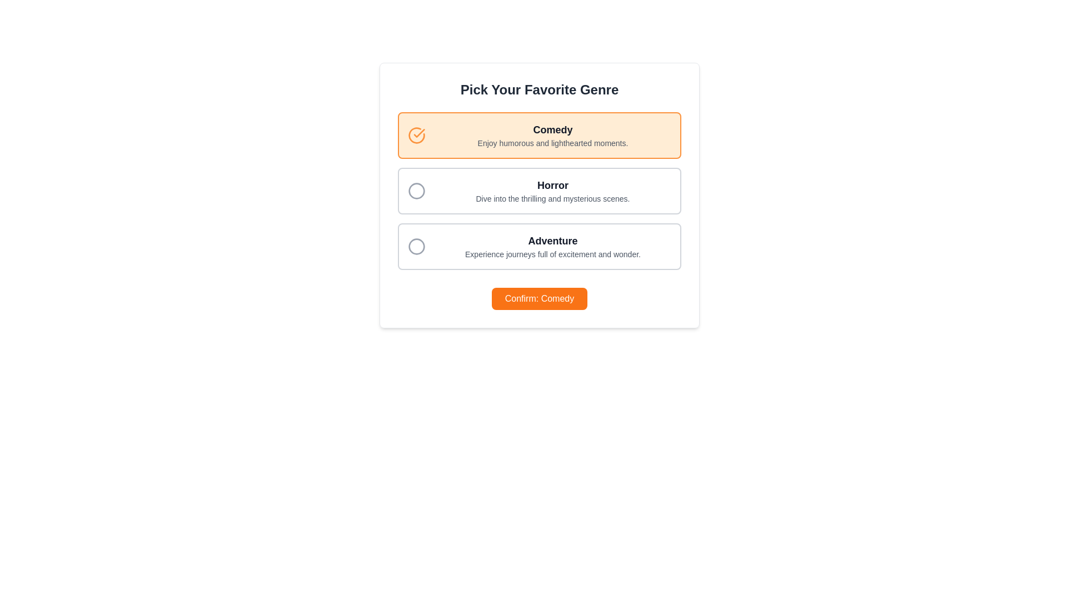 Image resolution: width=1067 pixels, height=600 pixels. I want to click on the center of the 'Adventure' selectable card in the genre selection menu, so click(539, 246).